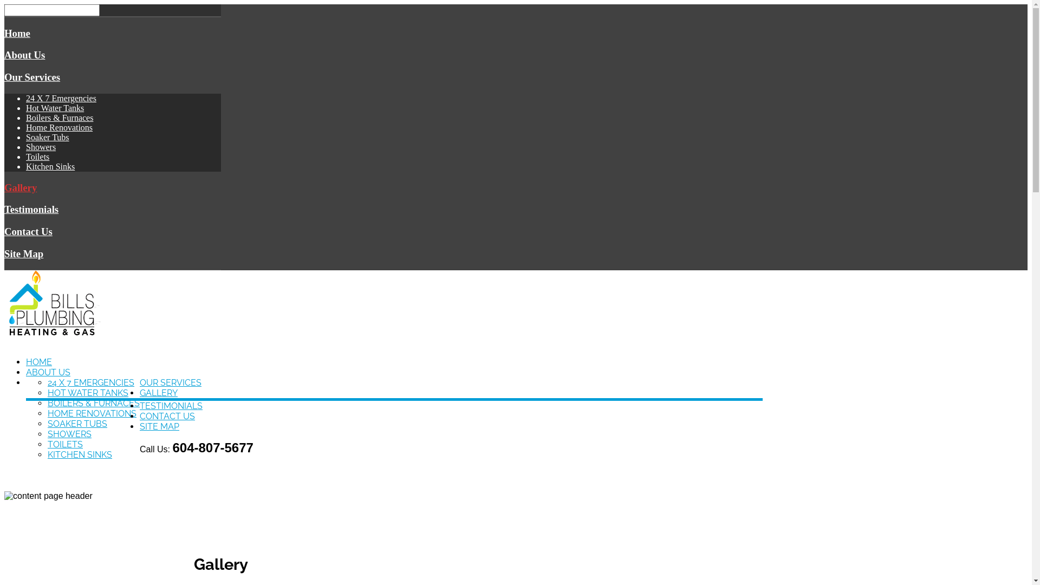  I want to click on 'GALLERY', so click(139, 393).